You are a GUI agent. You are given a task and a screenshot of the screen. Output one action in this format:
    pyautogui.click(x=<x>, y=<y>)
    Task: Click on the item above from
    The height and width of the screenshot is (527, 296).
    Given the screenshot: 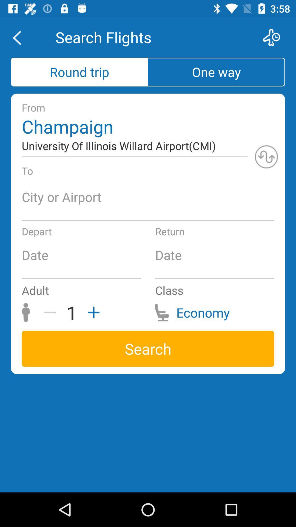 What is the action you would take?
    pyautogui.click(x=216, y=72)
    